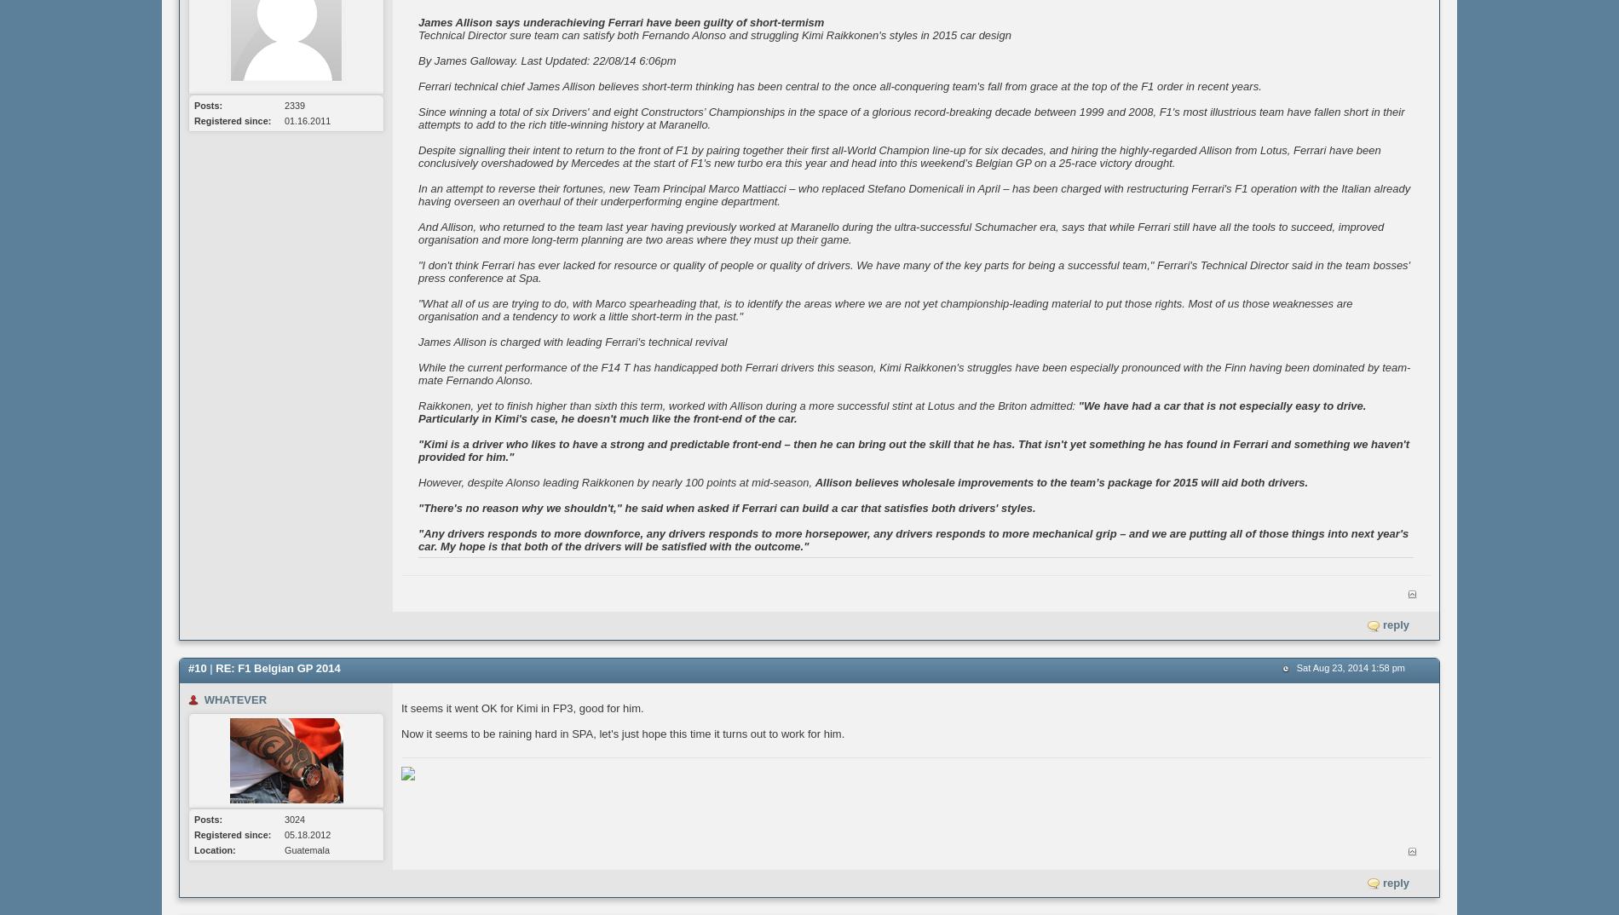 This screenshot has height=915, width=1619. Describe the element at coordinates (913, 373) in the screenshot. I see `'While the current performance of the F14 T has handicapped both Ferrari drivers this season, Kimi Raikkonen's struggles have been especially pronounced with the Finn having been dominated by team-mate Fernando Alonso.'` at that location.